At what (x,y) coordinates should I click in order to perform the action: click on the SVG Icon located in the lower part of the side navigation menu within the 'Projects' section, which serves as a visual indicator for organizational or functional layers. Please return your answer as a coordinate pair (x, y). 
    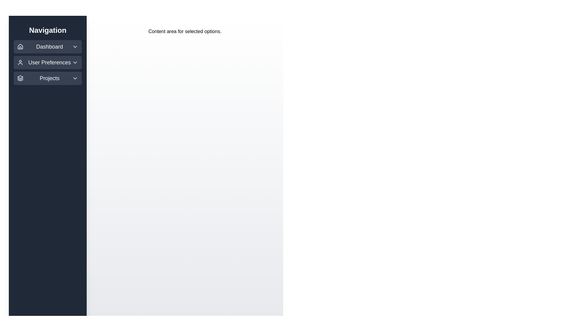
    Looking at the image, I should click on (20, 77).